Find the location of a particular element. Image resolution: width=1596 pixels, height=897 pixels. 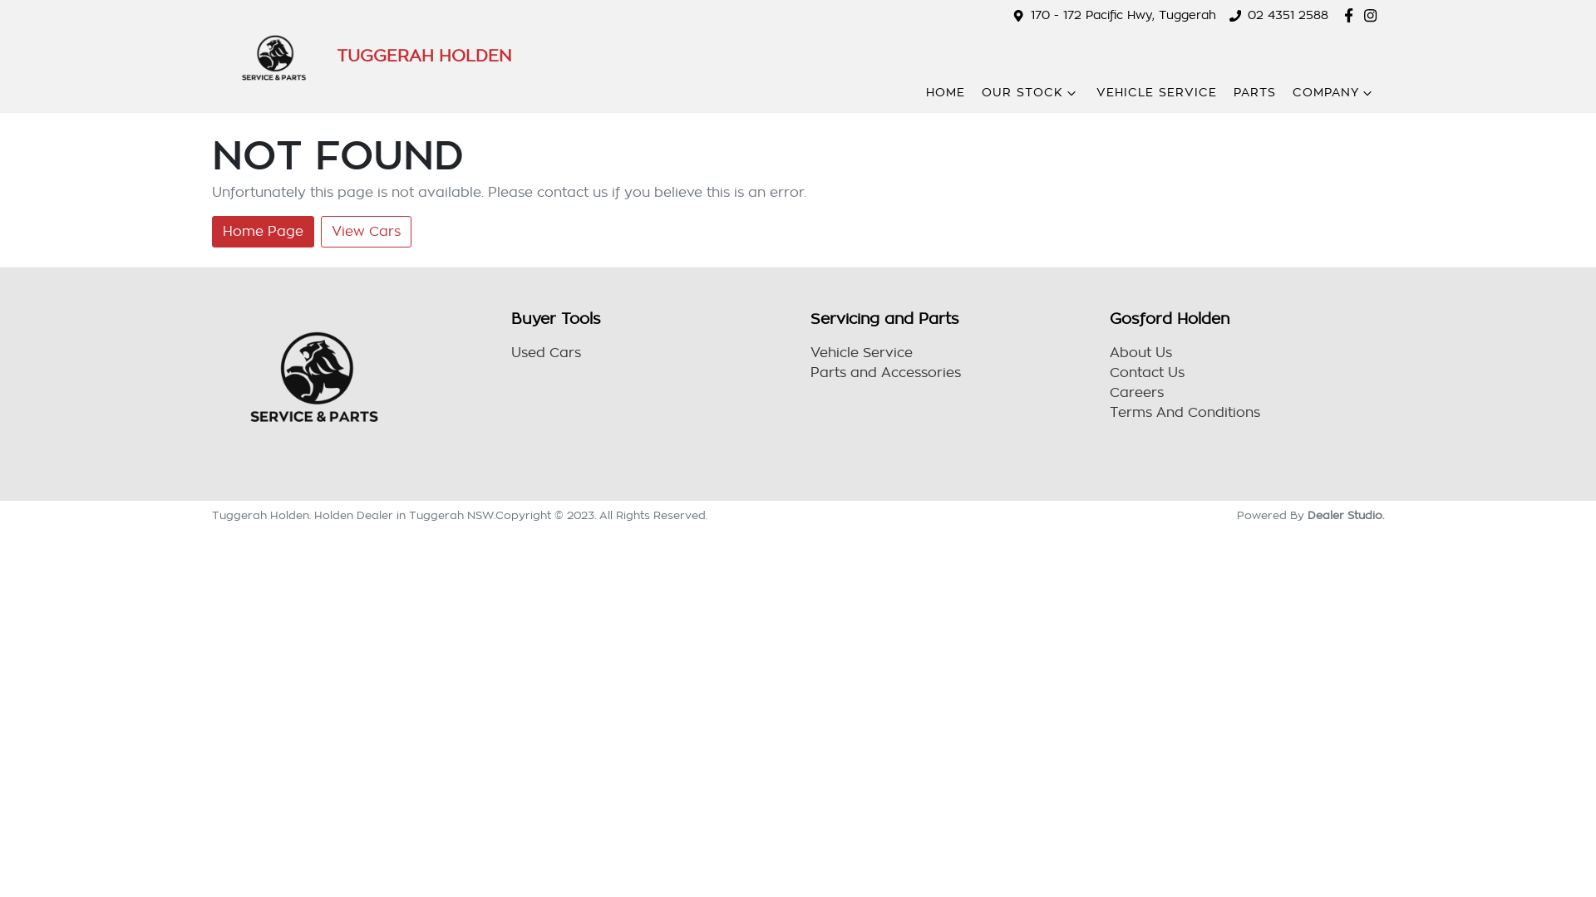

'PARTS' is located at coordinates (1233, 92).